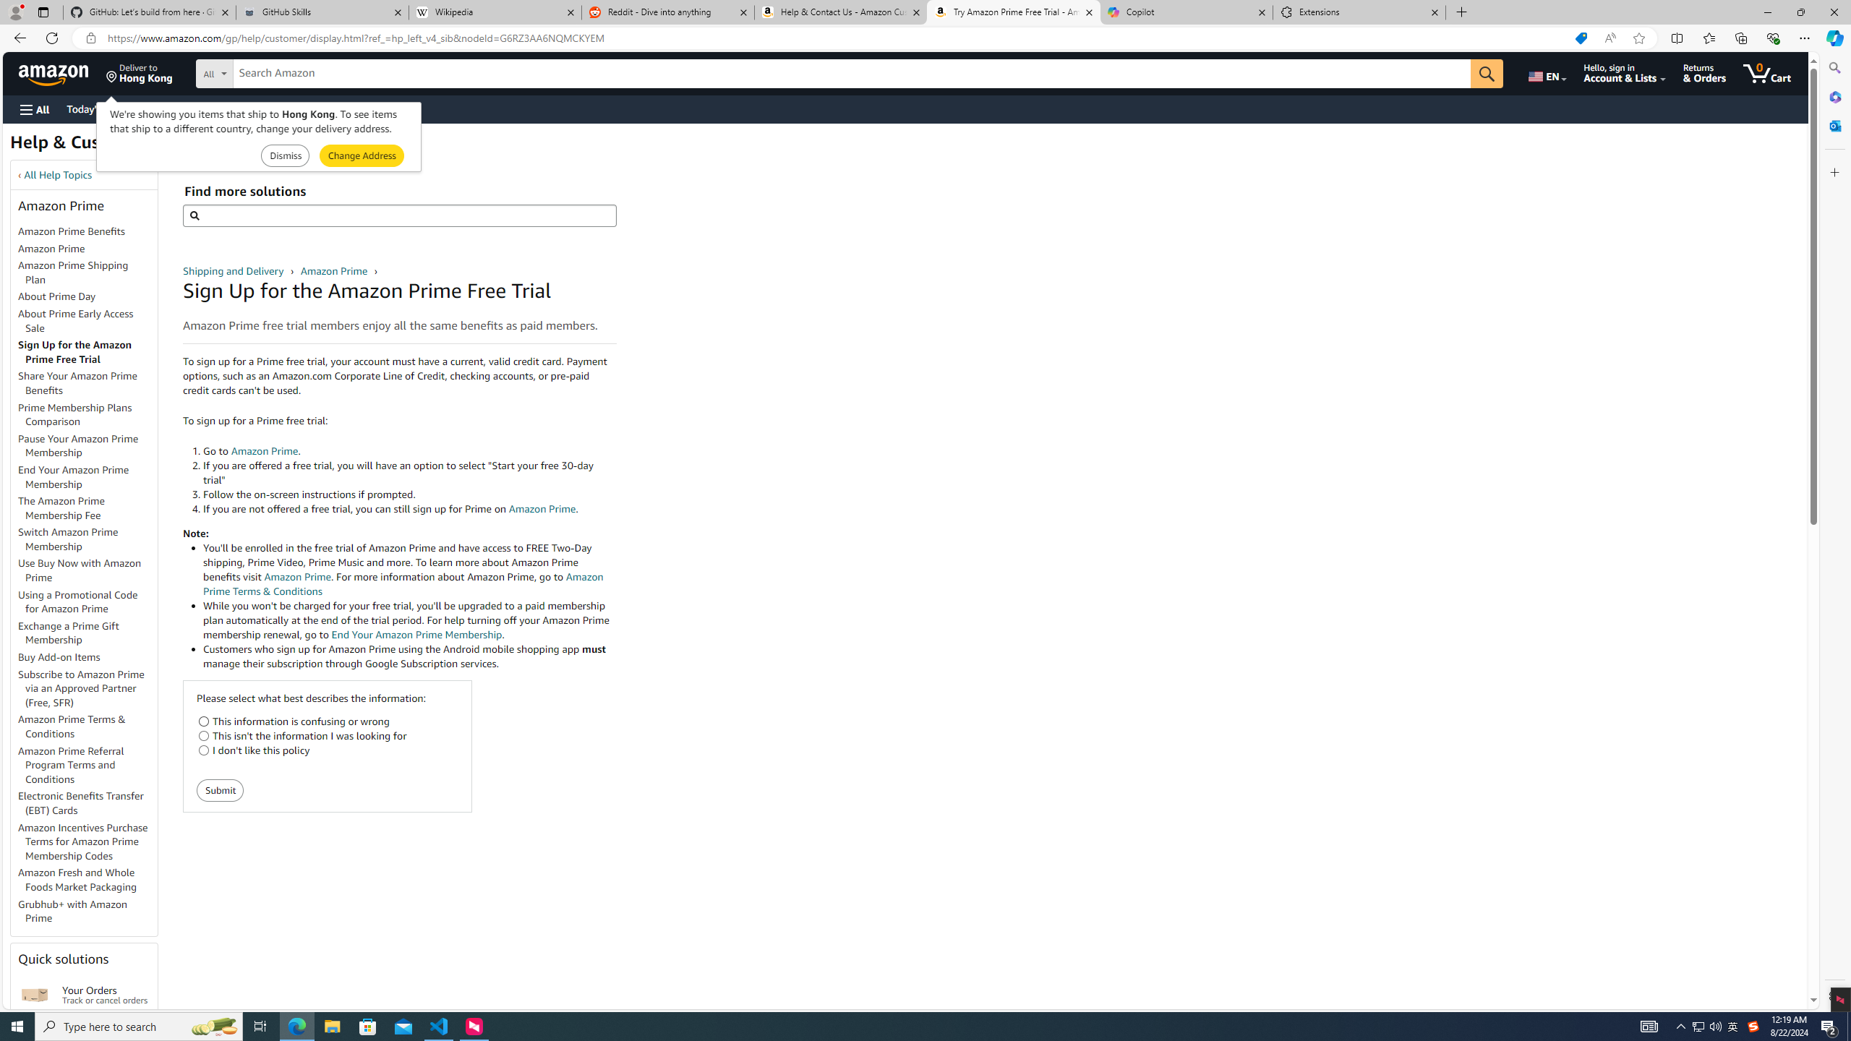 The image size is (1851, 1041). I want to click on 'Help & Customer Service', so click(110, 146).